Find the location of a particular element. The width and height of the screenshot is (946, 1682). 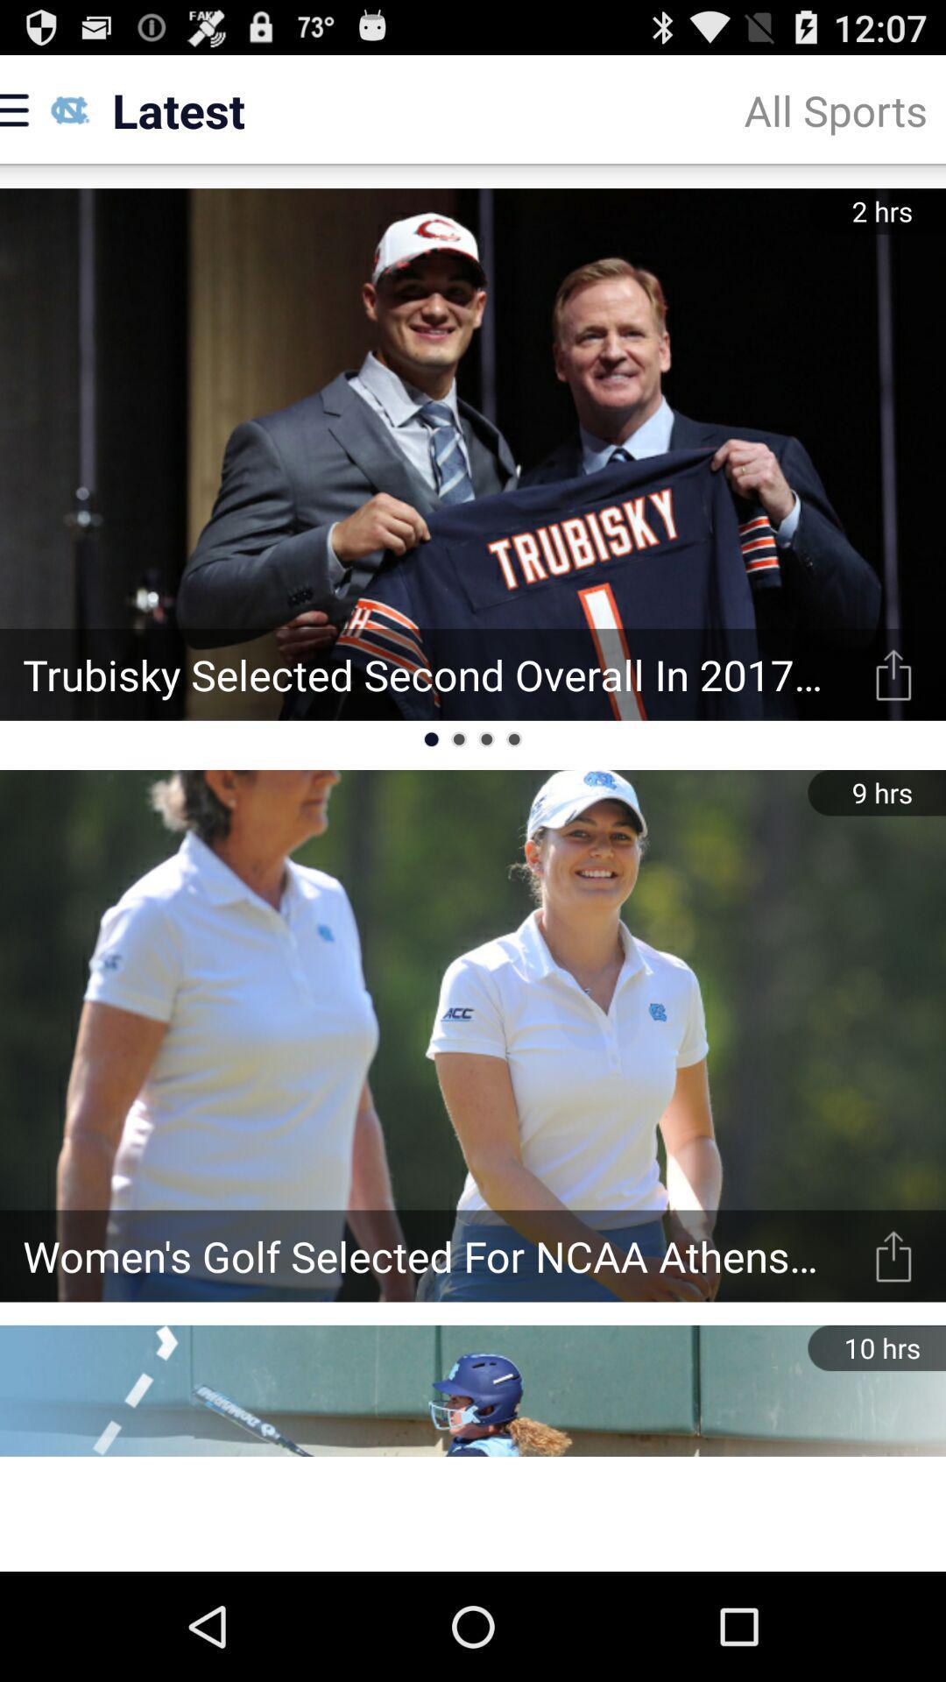

the app next to latest item is located at coordinates (835, 109).